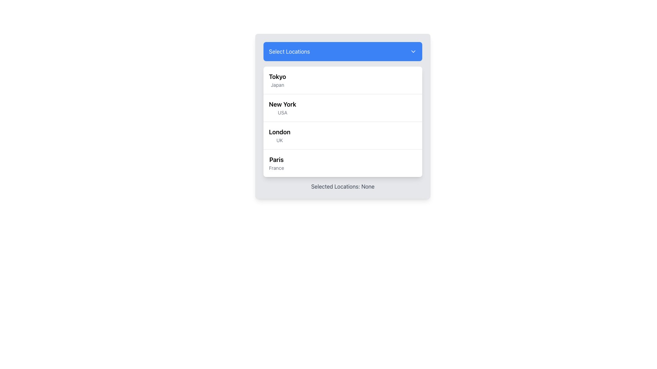 The image size is (657, 369). What do you see at coordinates (280, 132) in the screenshot?
I see `the text label displaying 'London', which is the third option in the dropdown menu of locations, located between 'New York' and 'Paris'` at bounding box center [280, 132].